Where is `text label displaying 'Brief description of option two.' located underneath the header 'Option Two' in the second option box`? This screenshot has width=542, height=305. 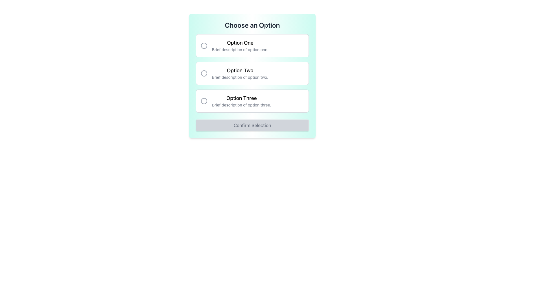
text label displaying 'Brief description of option two.' located underneath the header 'Option Two' in the second option box is located at coordinates (240, 77).